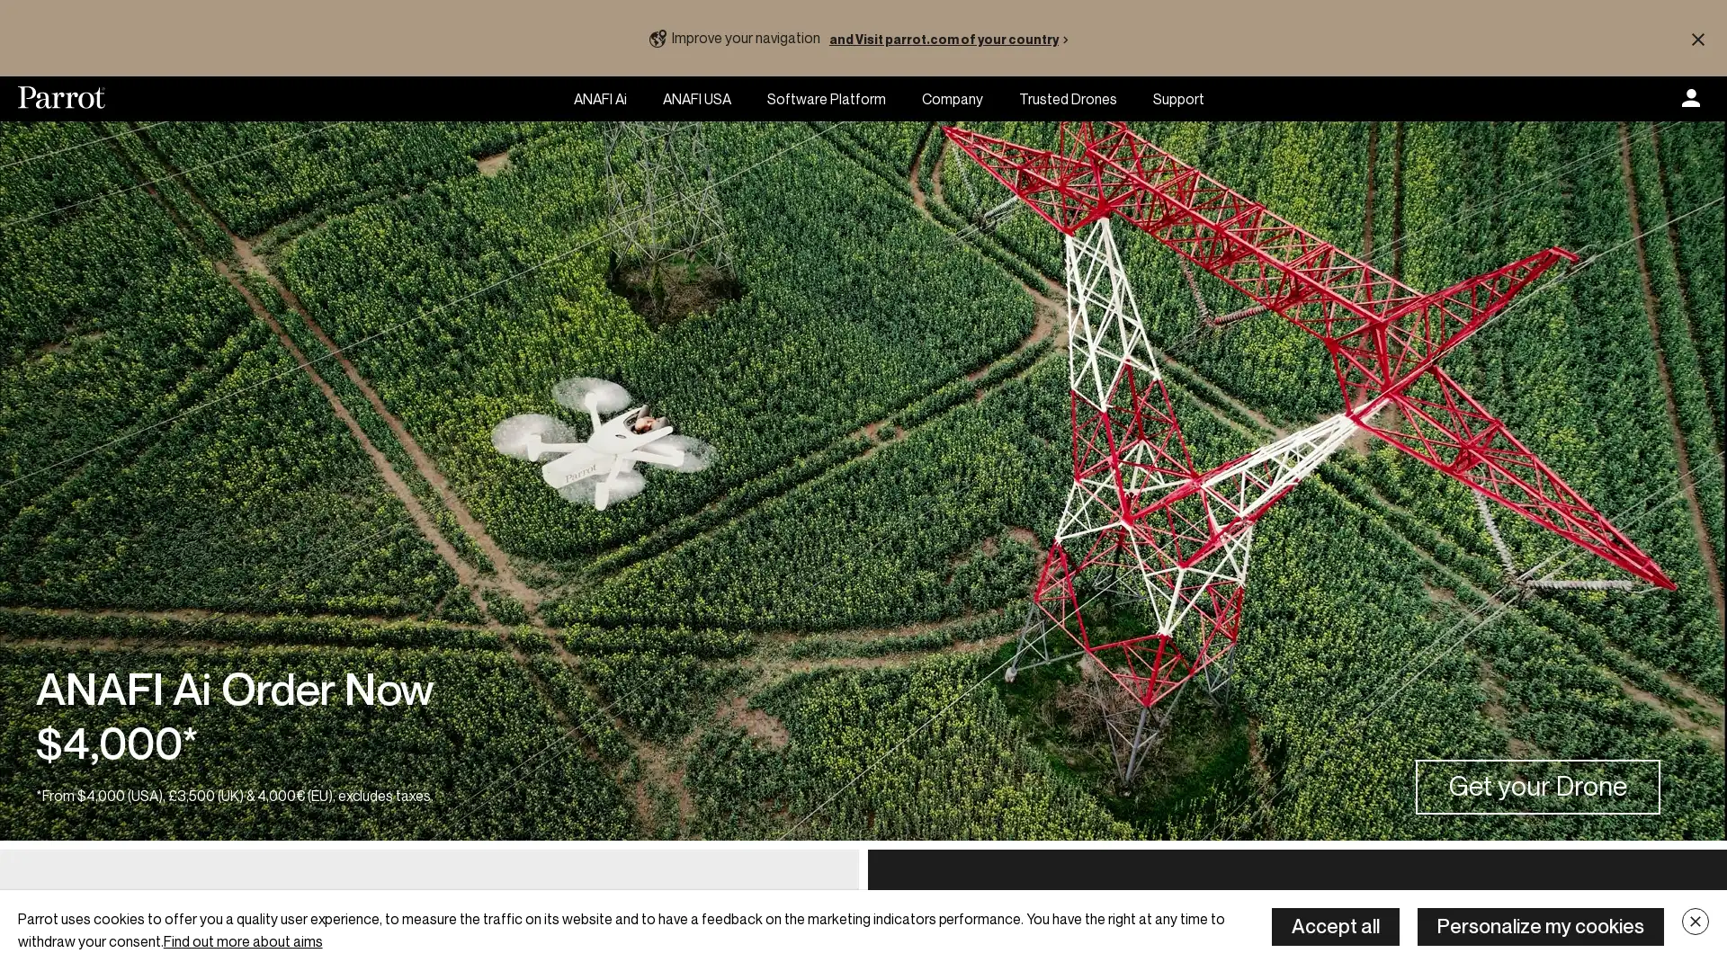 This screenshot has width=1727, height=971. I want to click on close not-good-shop-alert, so click(1696, 38).